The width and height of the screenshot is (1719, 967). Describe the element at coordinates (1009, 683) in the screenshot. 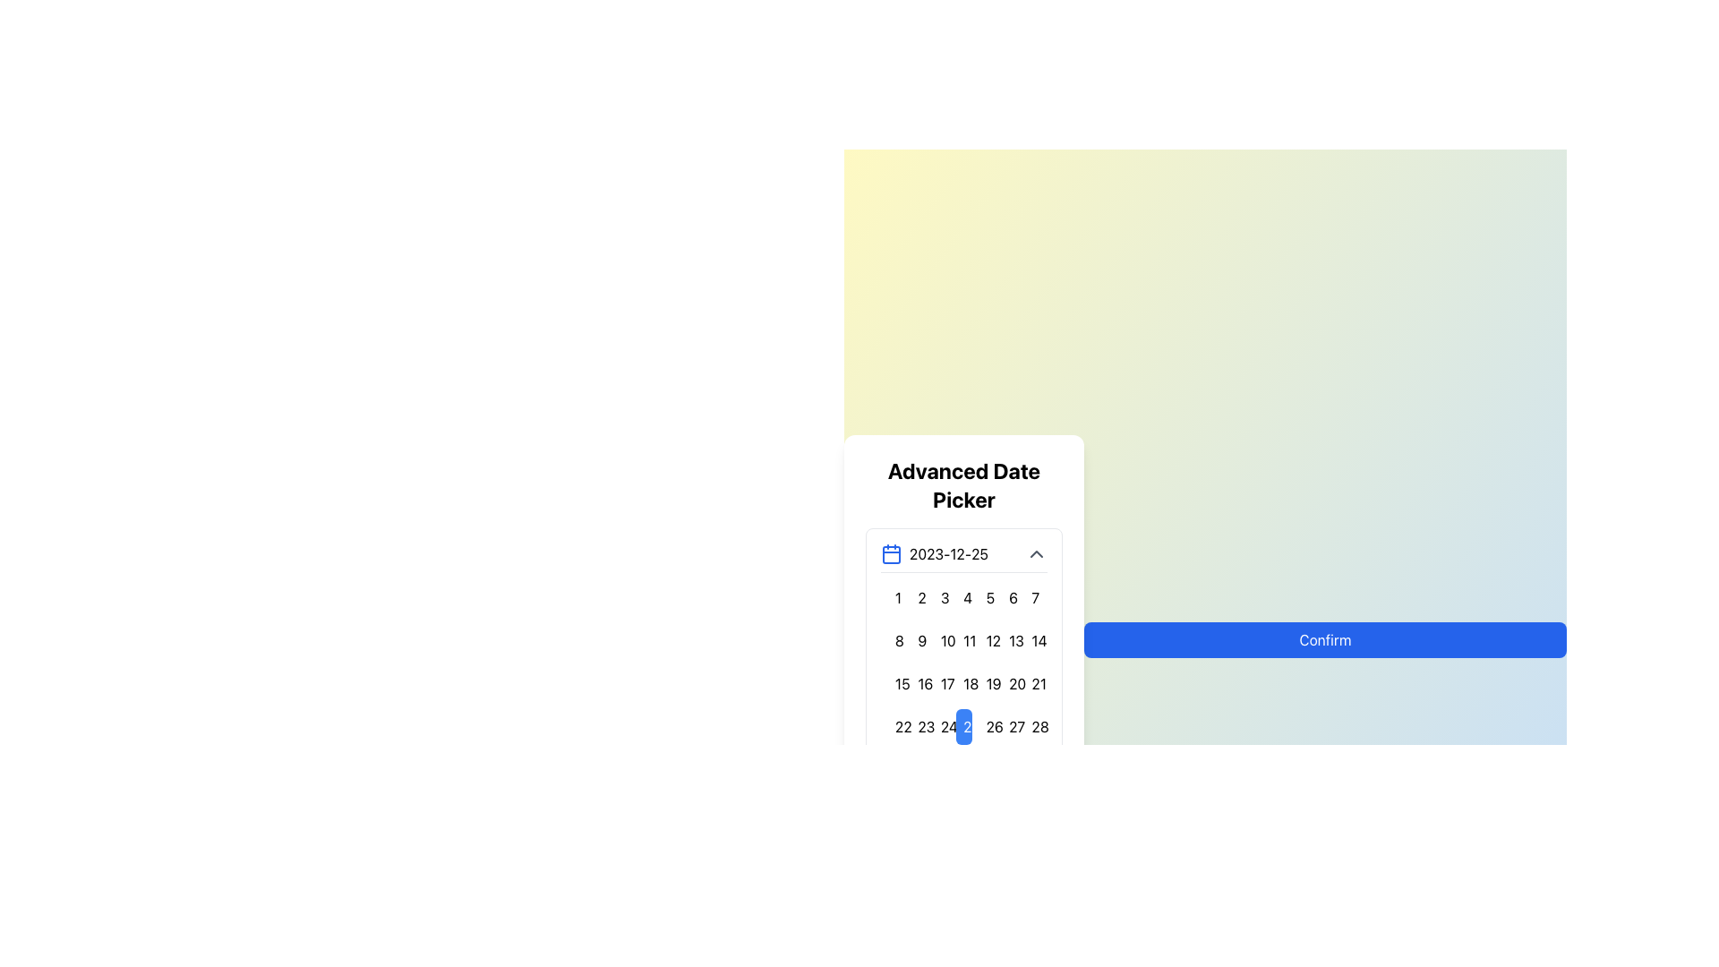

I see `the button displaying the number '20' located in the calendar grid under the 'Advanced Date Picker', specifically the sixth item in the third row` at that location.